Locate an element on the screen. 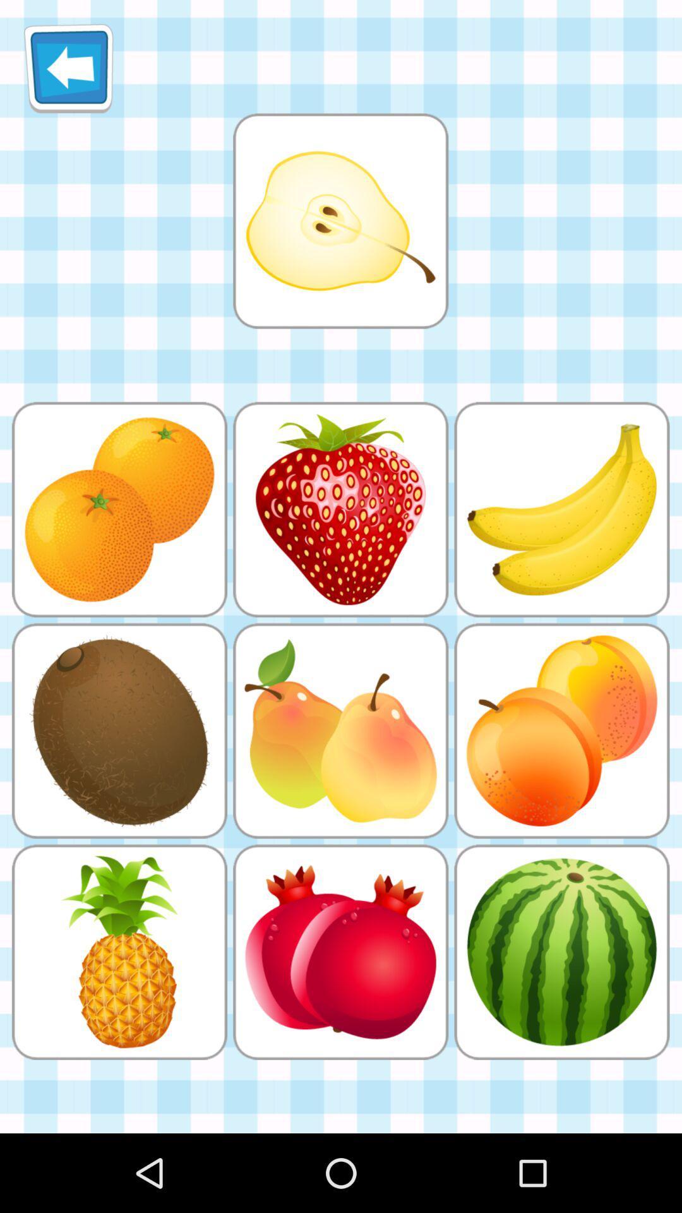 This screenshot has height=1213, width=682. view image is located at coordinates (340, 220).